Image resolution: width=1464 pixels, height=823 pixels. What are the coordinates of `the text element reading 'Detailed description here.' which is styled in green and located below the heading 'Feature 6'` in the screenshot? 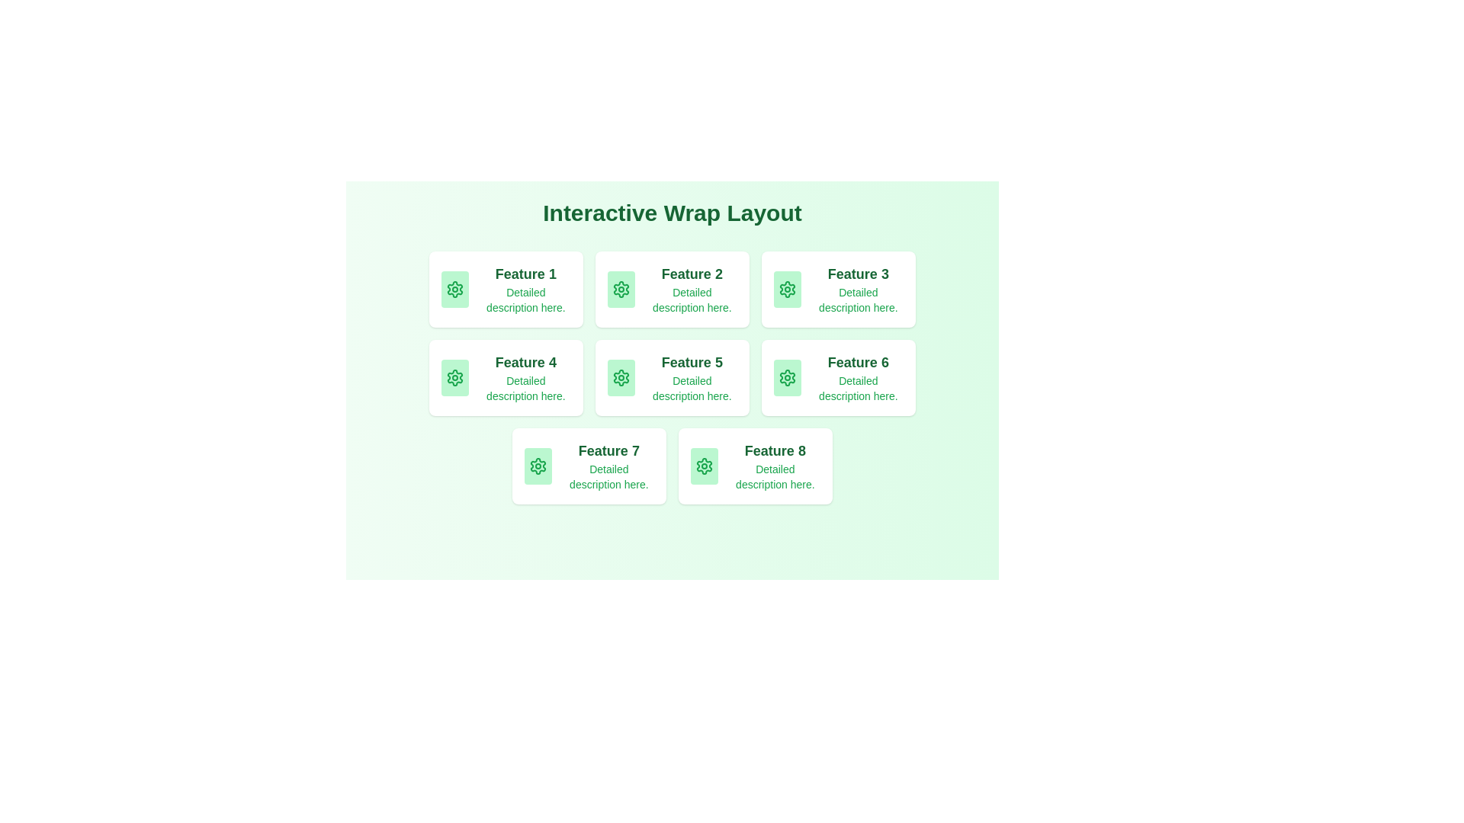 It's located at (858, 387).